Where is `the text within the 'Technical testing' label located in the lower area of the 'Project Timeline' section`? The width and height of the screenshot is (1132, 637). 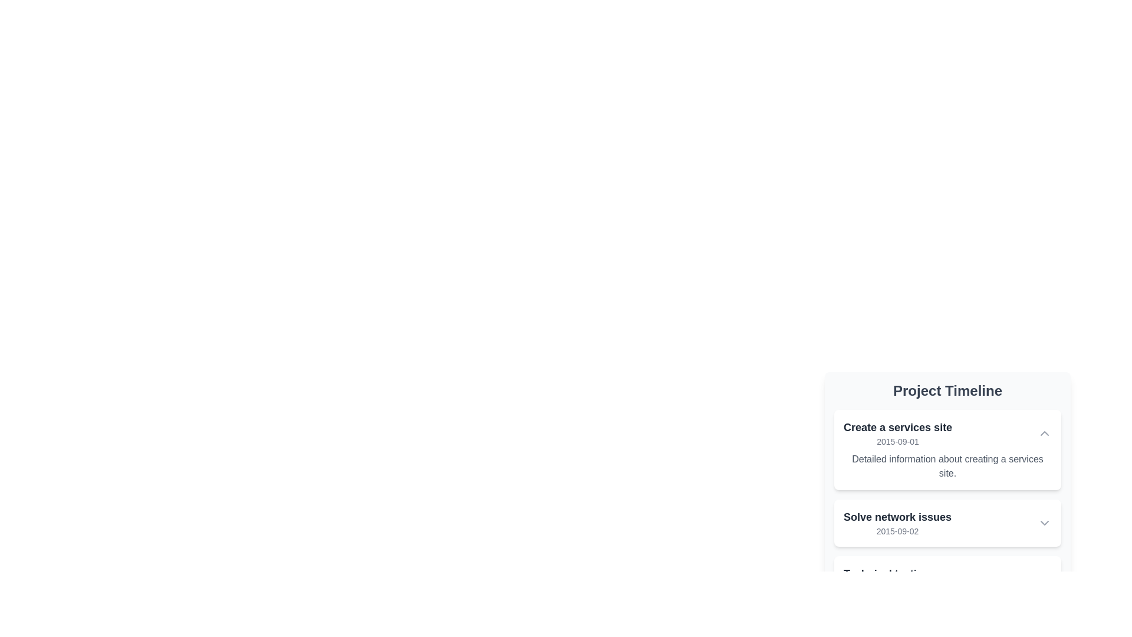 the text within the 'Technical testing' label located in the lower area of the 'Project Timeline' section is located at coordinates (886, 573).